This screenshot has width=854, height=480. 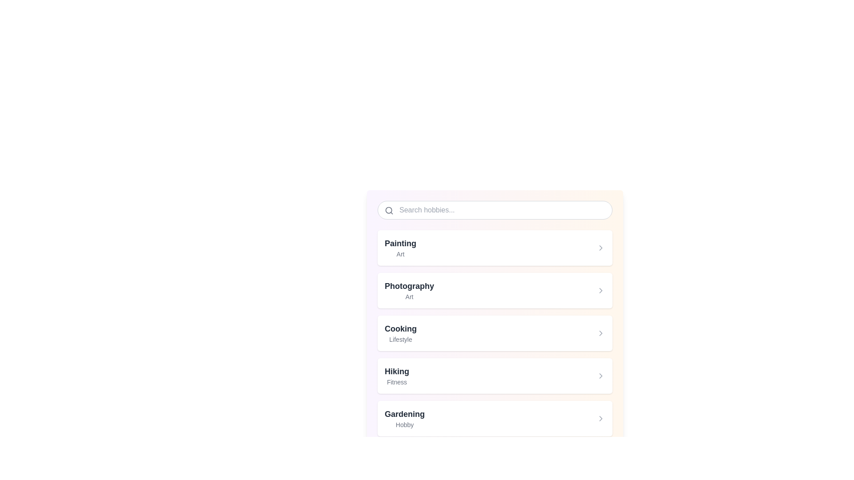 I want to click on the Navigation Chevron icon located at the far right of the 'Photography' card, so click(x=600, y=291).